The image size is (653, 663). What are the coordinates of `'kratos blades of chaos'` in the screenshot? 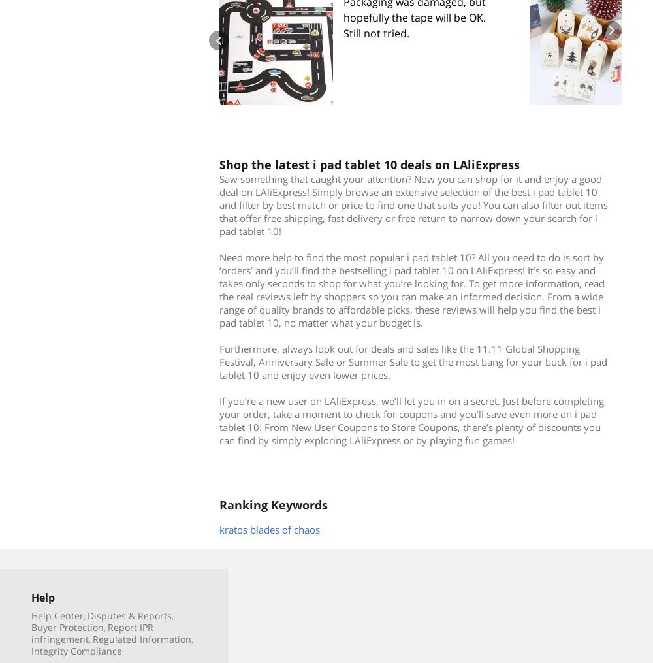 It's located at (270, 528).